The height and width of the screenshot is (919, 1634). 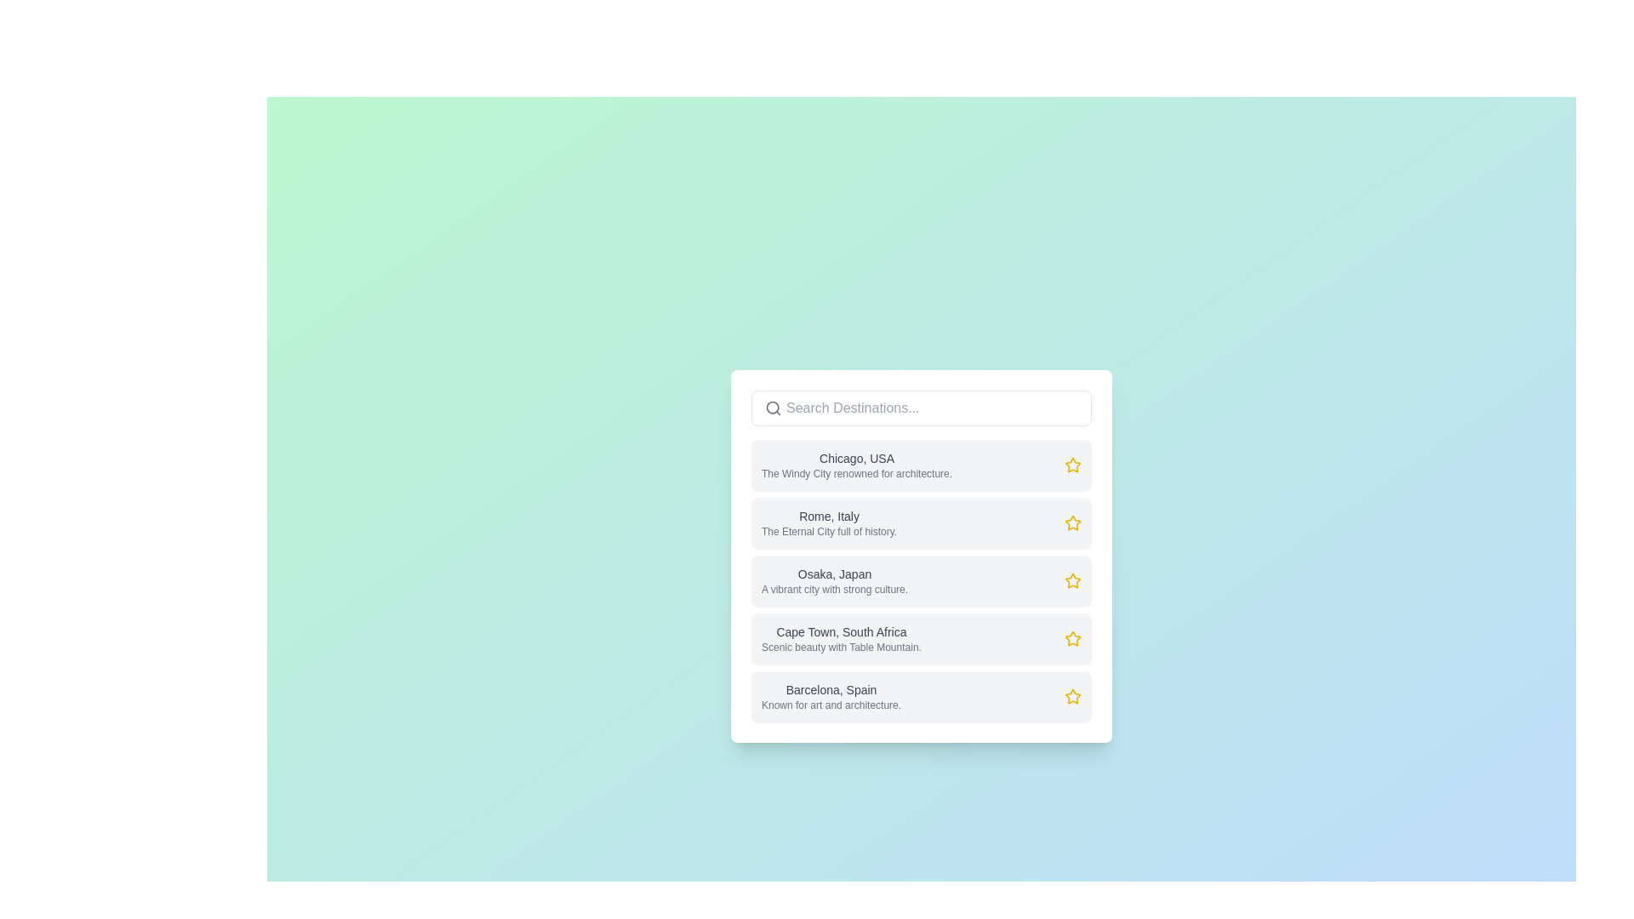 What do you see at coordinates (772, 408) in the screenshot?
I see `the center of the magnifying glass icon which signifies the search function in the search interface located at the top of the card` at bounding box center [772, 408].